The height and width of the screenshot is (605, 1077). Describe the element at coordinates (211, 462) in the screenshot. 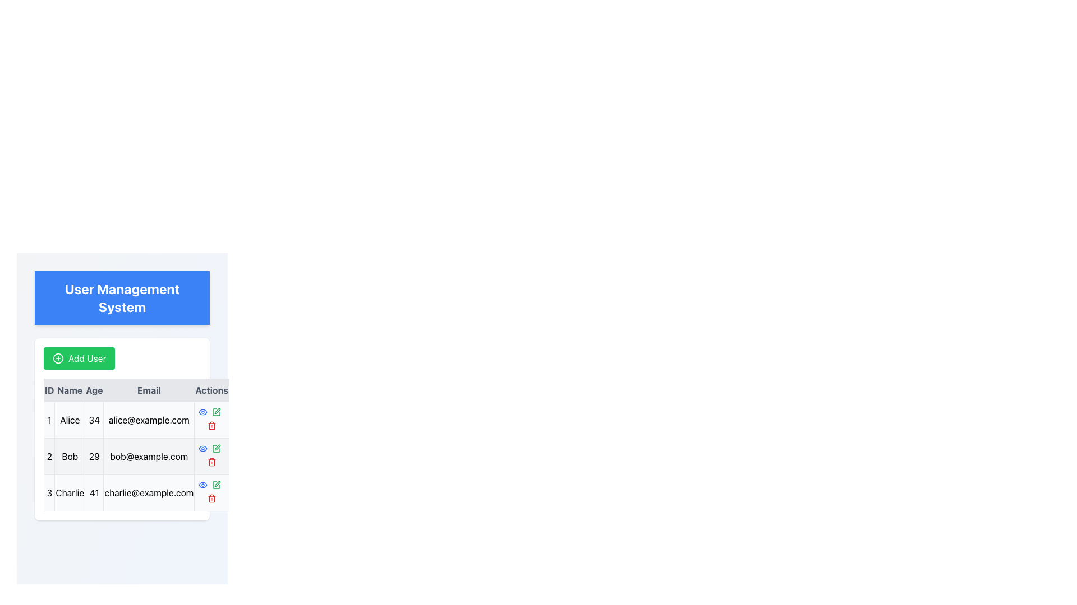

I see `the delete button (trash icon) in the third row of the user management table, located under the 'Actions' column` at that location.